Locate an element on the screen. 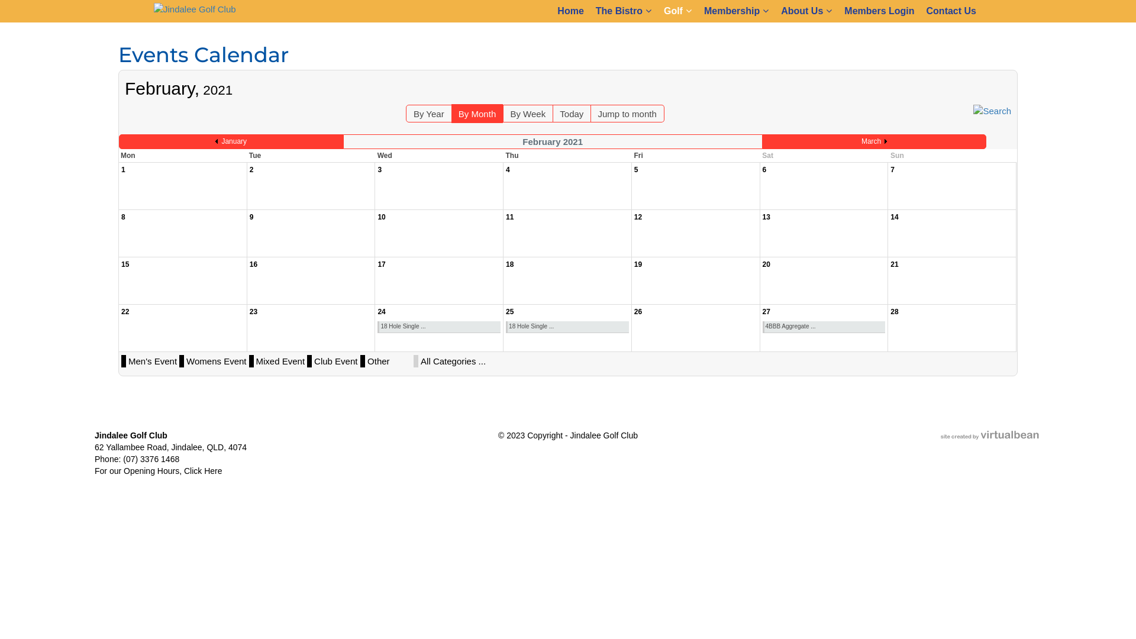  '18 Hole Single ...' is located at coordinates (568, 326).